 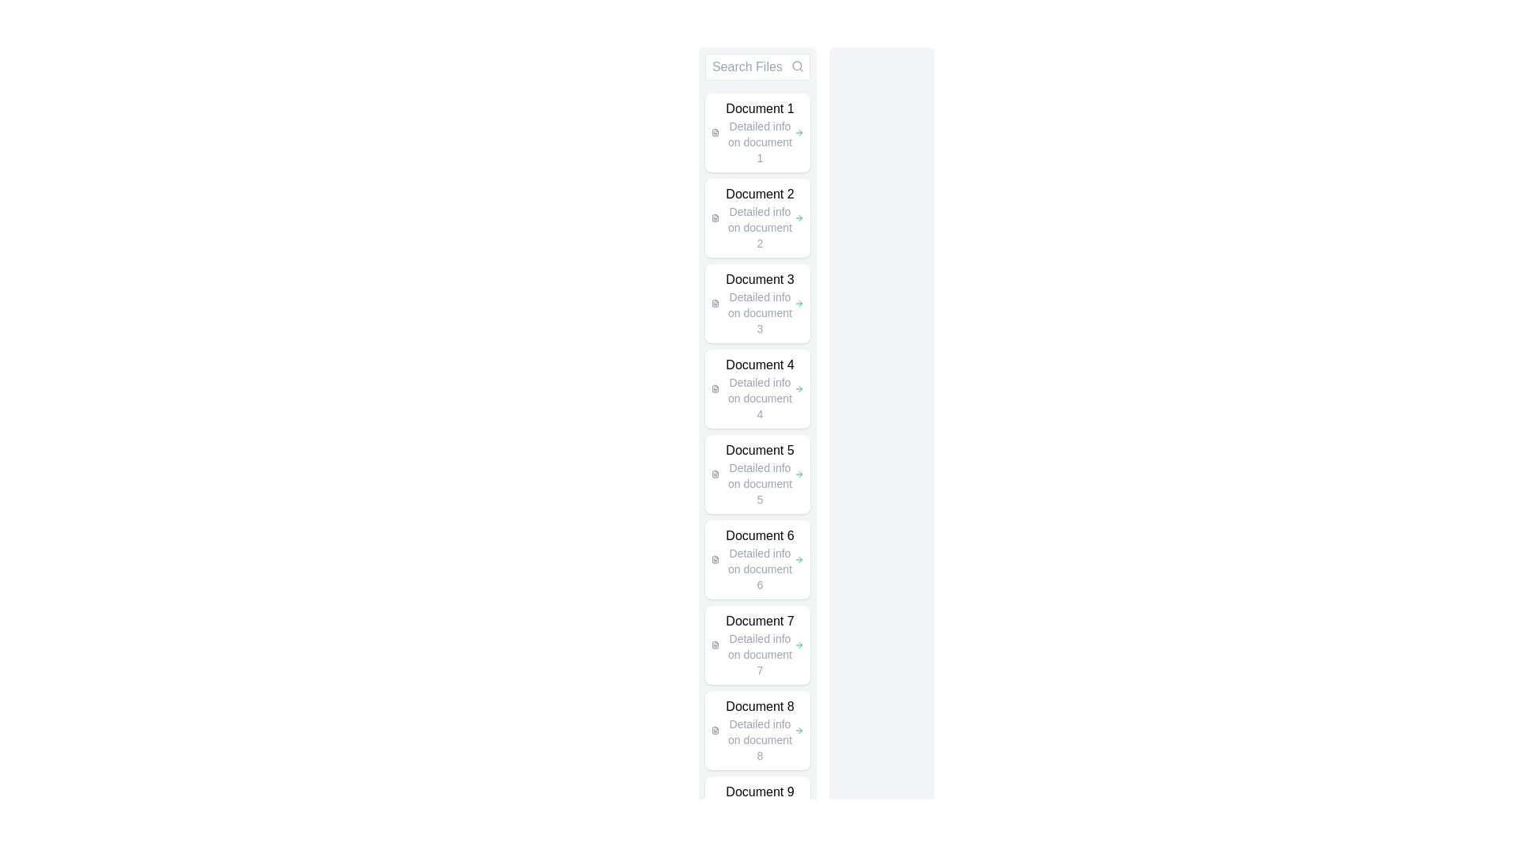 I want to click on the informational text component located below 'Document 5' in the side menu panel, so click(x=760, y=483).